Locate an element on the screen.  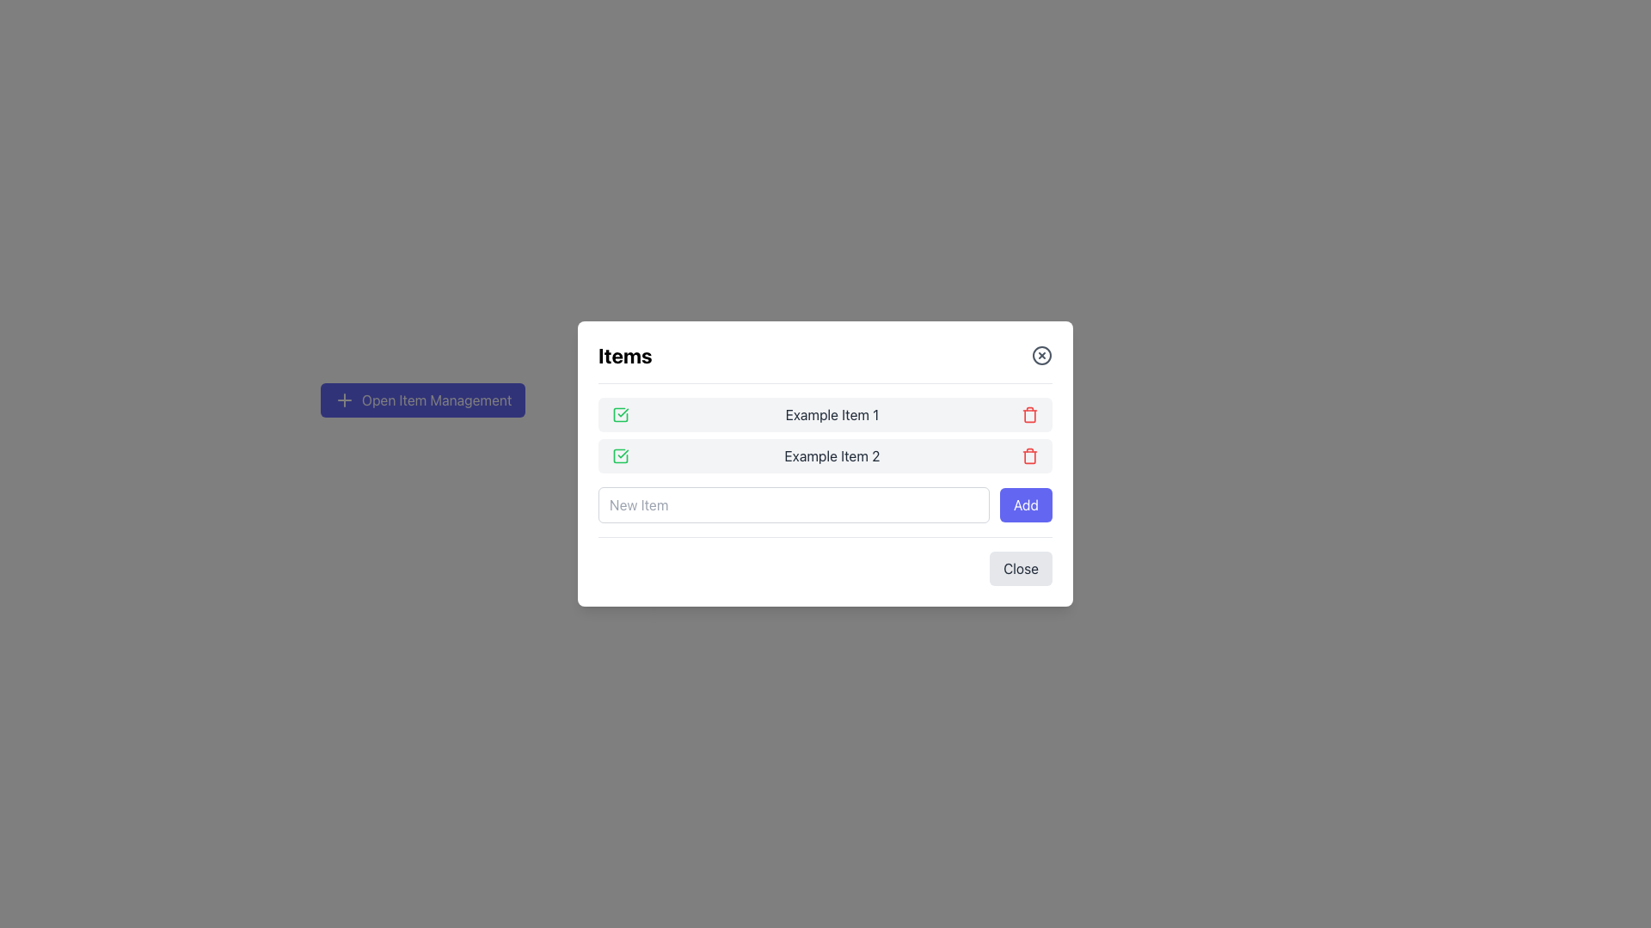
the static text content displaying 'Example Item 2', which is located in the second row of a modal, positioned between a green check icon and a red delete button is located at coordinates (825, 455).